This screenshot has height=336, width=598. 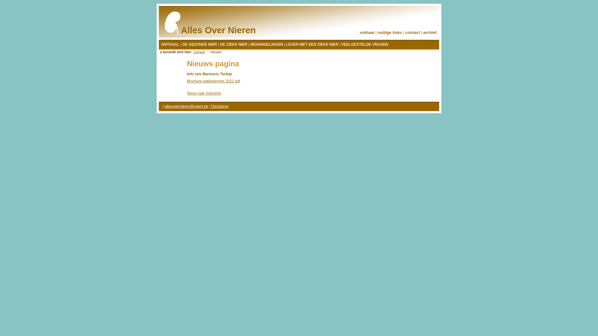 What do you see at coordinates (267, 44) in the screenshot?
I see `'BEHANDELINGEN'` at bounding box center [267, 44].